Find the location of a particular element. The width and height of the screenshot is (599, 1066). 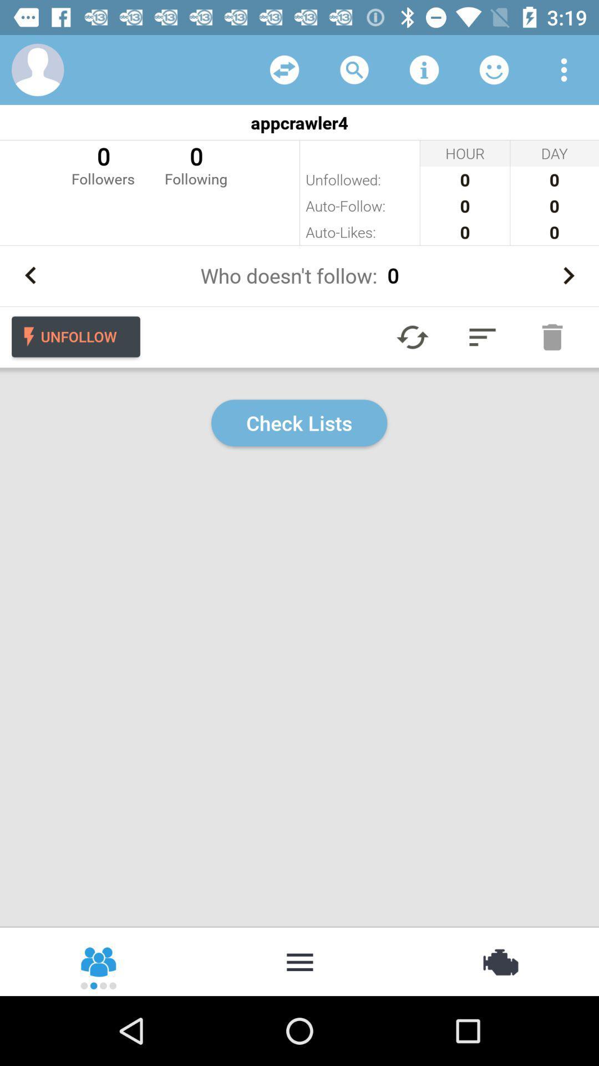

icon to the left of the who doesn t is located at coordinates (30, 275).